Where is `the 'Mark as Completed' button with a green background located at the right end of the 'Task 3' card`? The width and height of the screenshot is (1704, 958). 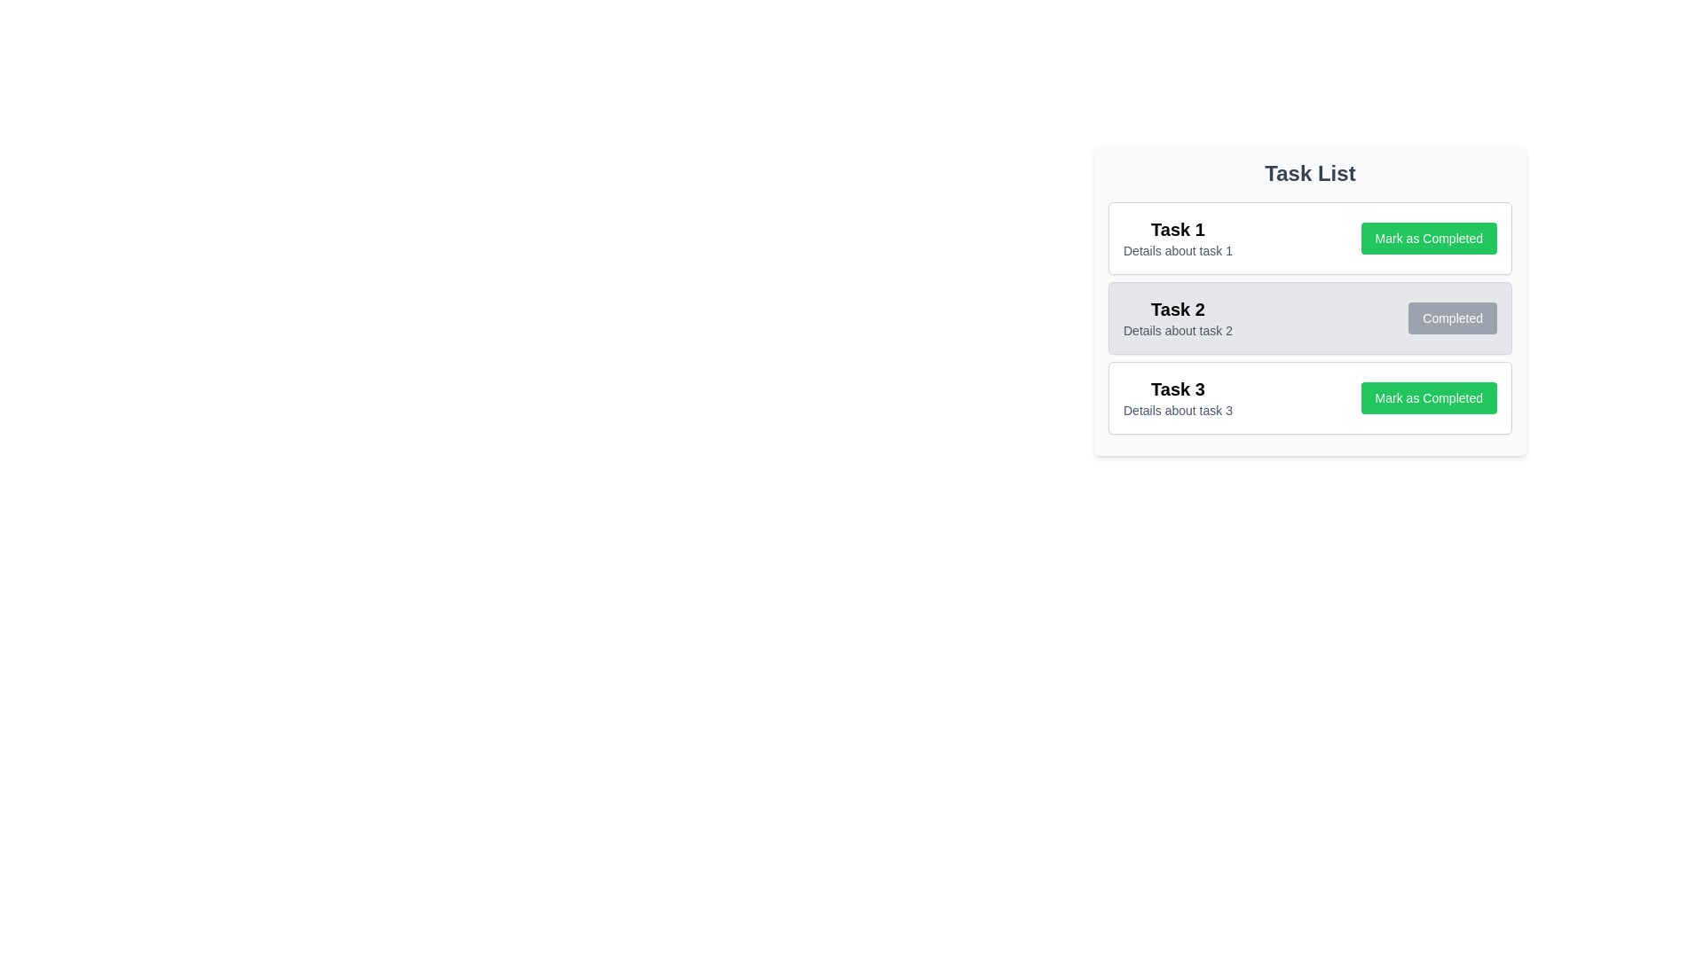
the 'Mark as Completed' button with a green background located at the right end of the 'Task 3' card is located at coordinates (1429, 397).